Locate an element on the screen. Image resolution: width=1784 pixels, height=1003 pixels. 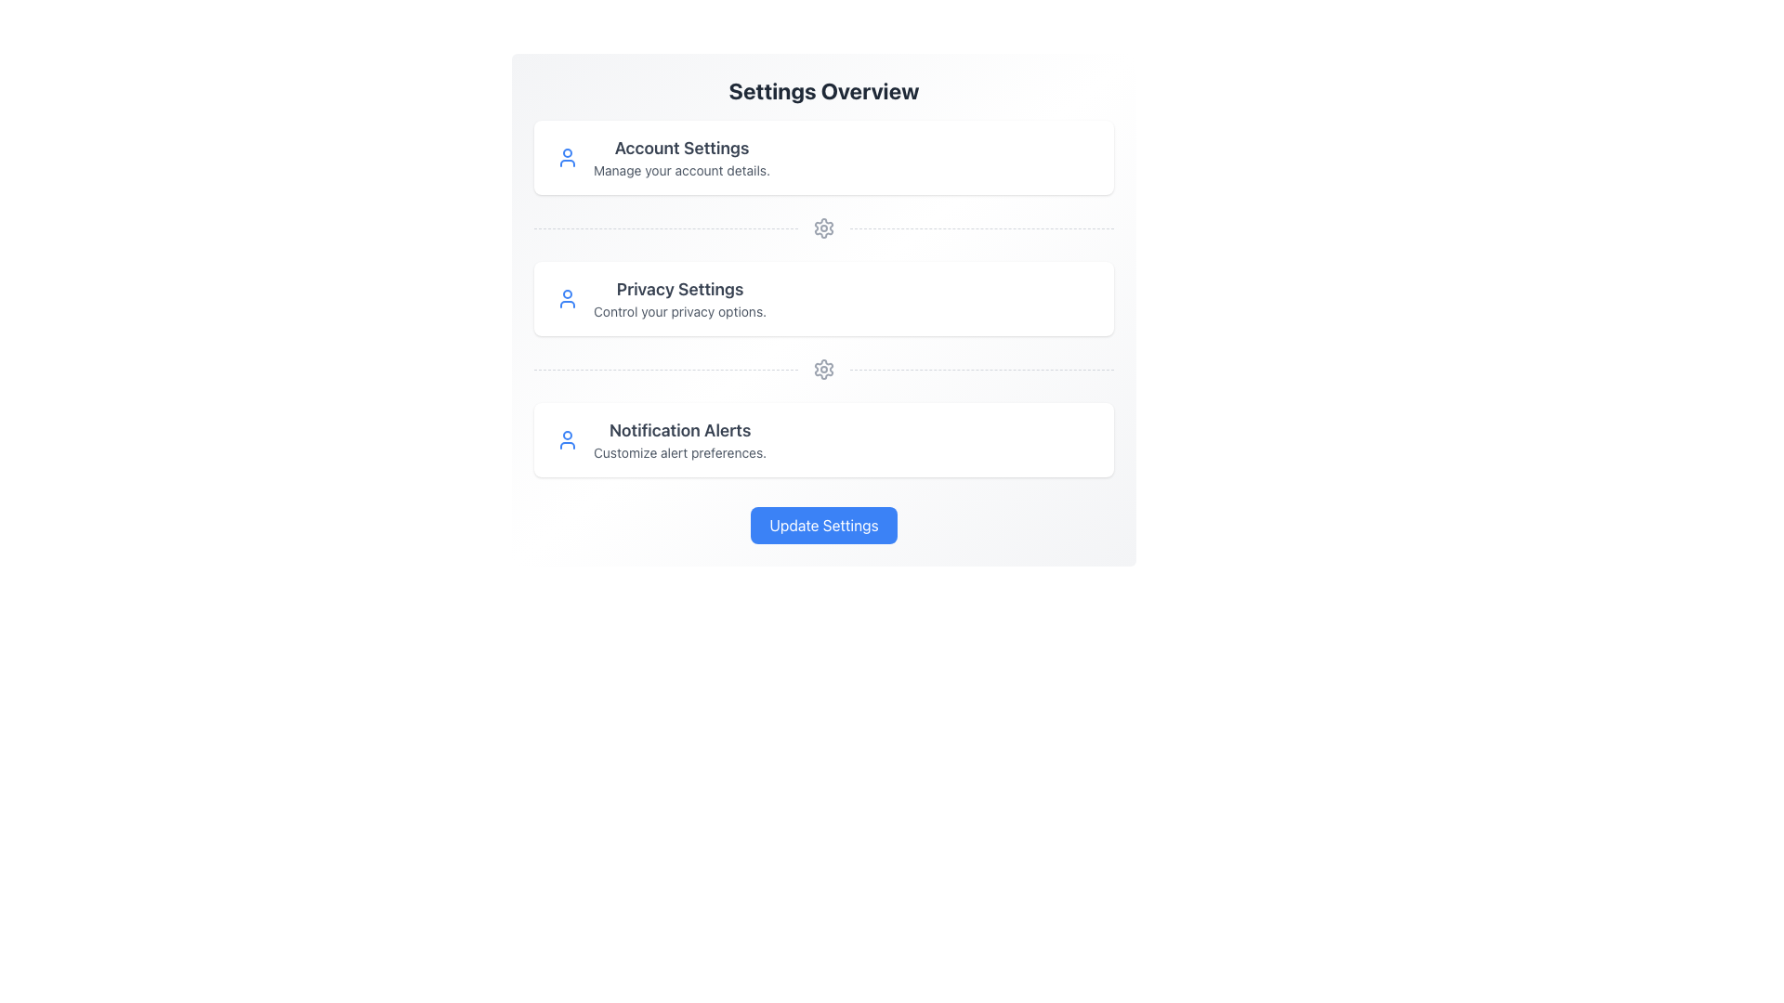
the icon representing the 'Privacy Settings' is located at coordinates (566, 297).